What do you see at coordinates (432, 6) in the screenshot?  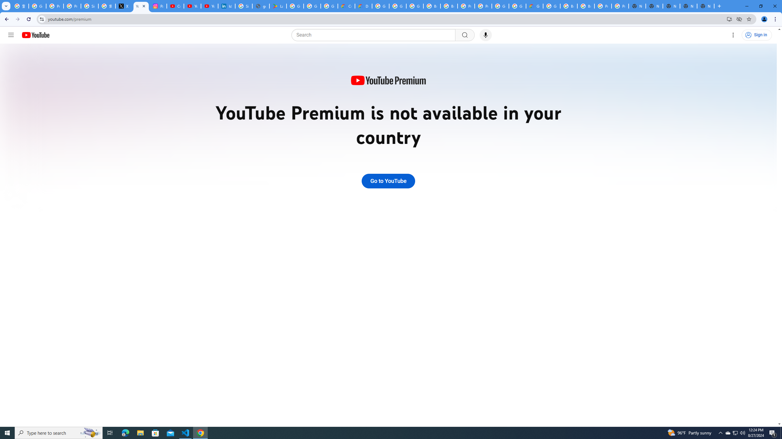 I see `'Browse Chrome as a guest - Computer - Google Chrome Help'` at bounding box center [432, 6].